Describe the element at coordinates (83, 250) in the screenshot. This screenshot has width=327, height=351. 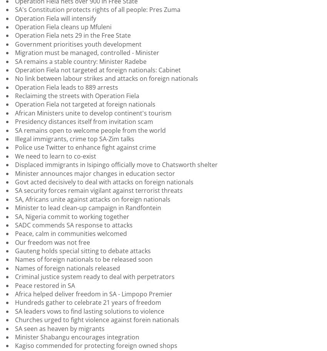
I see `'Gauteng holds special sitting to debate attacks'` at that location.